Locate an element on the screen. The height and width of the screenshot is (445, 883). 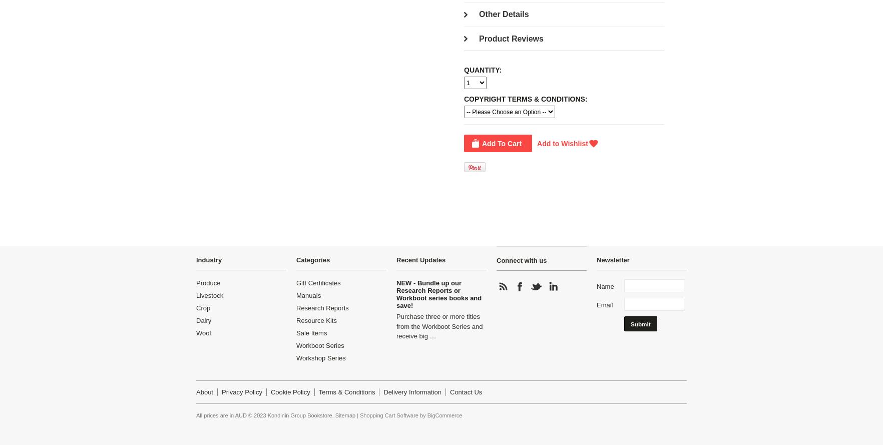
'Copyright Terms & Conditions:' is located at coordinates (464, 98).